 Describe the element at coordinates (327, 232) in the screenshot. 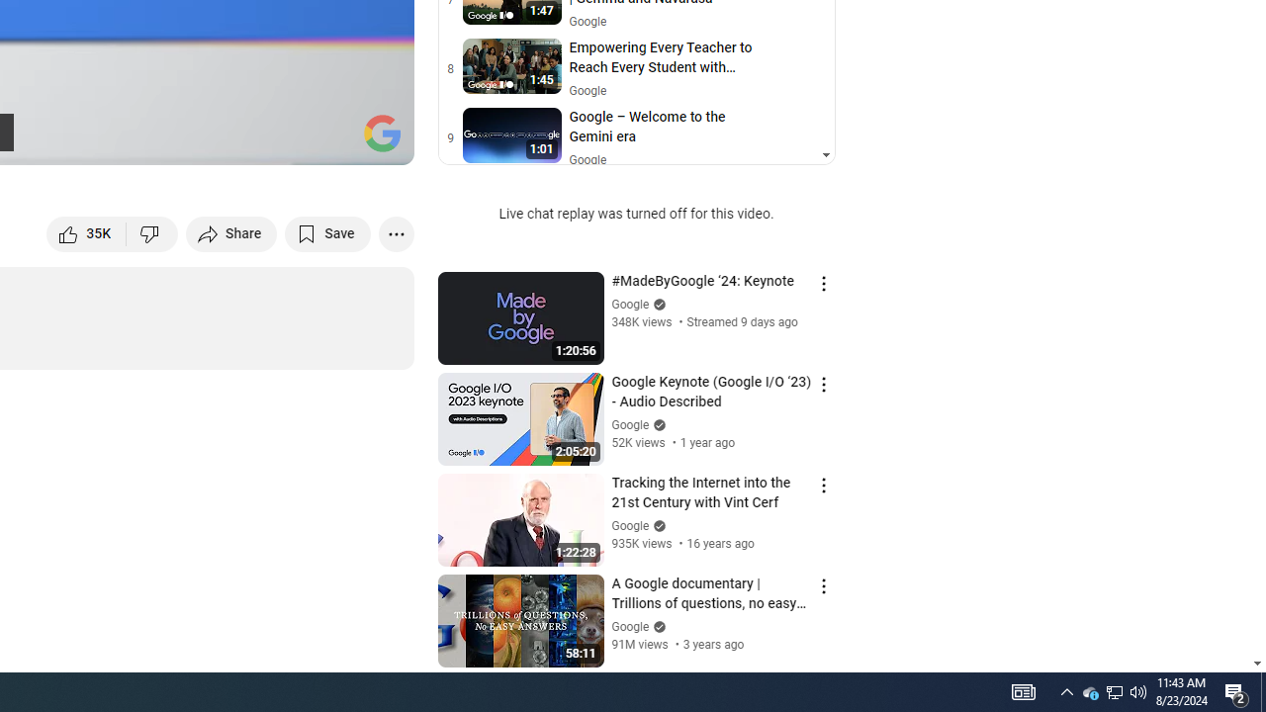

I see `'Save to playlist'` at that location.